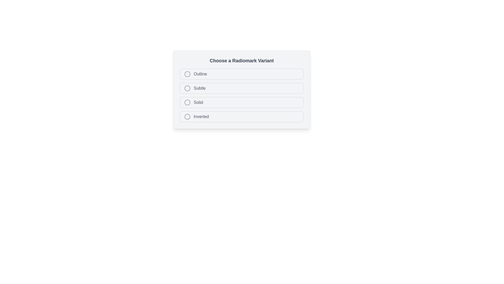 Image resolution: width=504 pixels, height=284 pixels. Describe the element at coordinates (241, 102) in the screenshot. I see `the 'Solid' radio button option, which is the third choice in a vertically stacked group of four options` at that location.